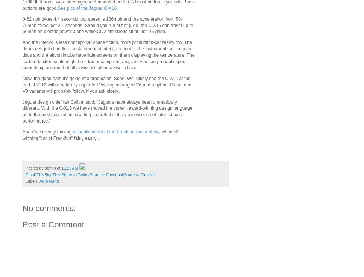 The image size is (364, 277). Describe the element at coordinates (52, 174) in the screenshot. I see `'BlogThis!'` at that location.